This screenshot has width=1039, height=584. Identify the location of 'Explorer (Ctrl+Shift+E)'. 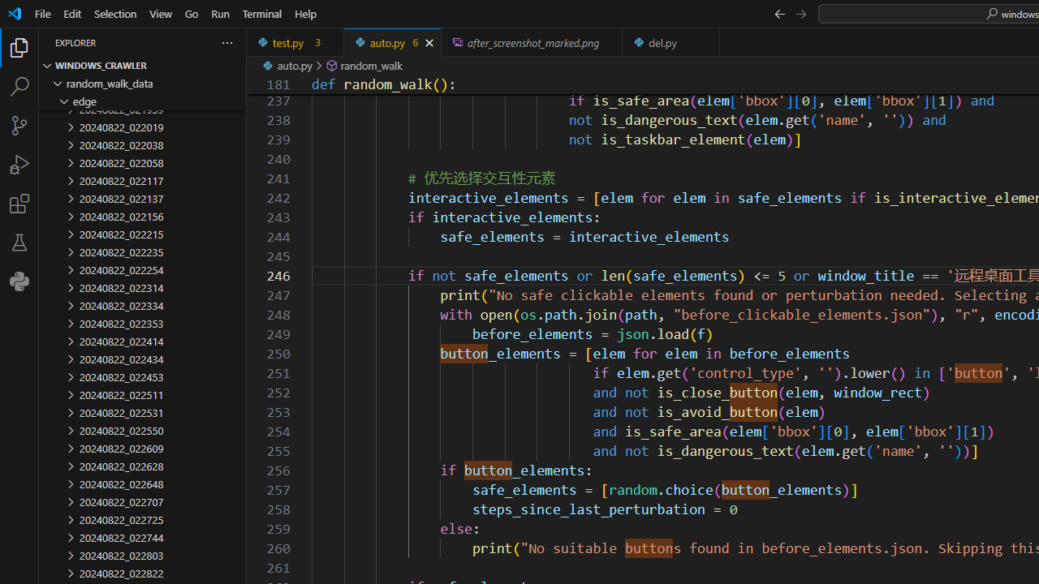
(19, 47).